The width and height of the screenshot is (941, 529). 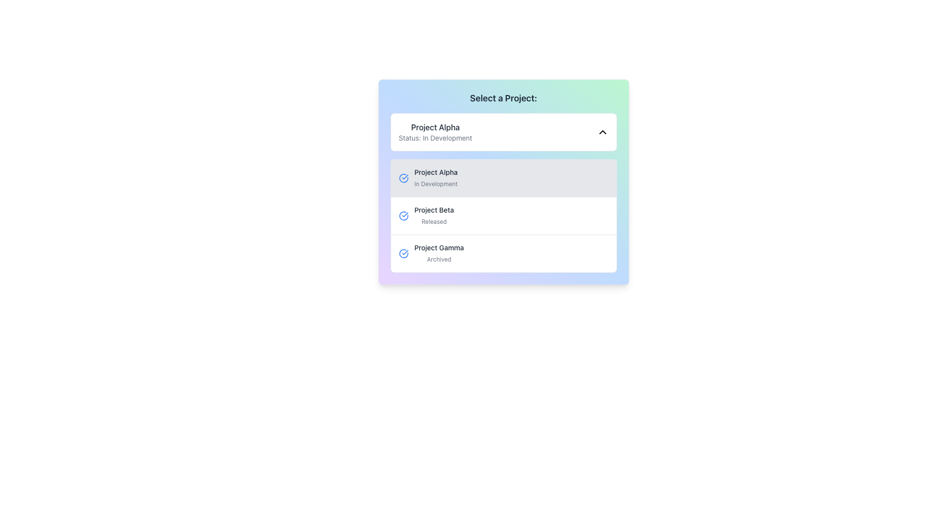 I want to click on the second project item in the dropdown menu which is visually represented with an icon, bold project name, and smaller gray status text, so click(x=503, y=215).